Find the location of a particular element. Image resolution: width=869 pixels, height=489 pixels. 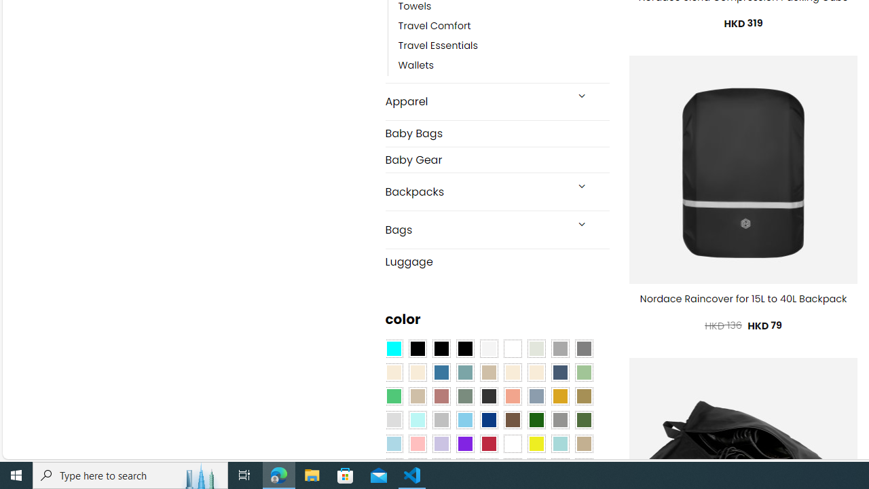

'All Gray' is located at coordinates (584, 348).